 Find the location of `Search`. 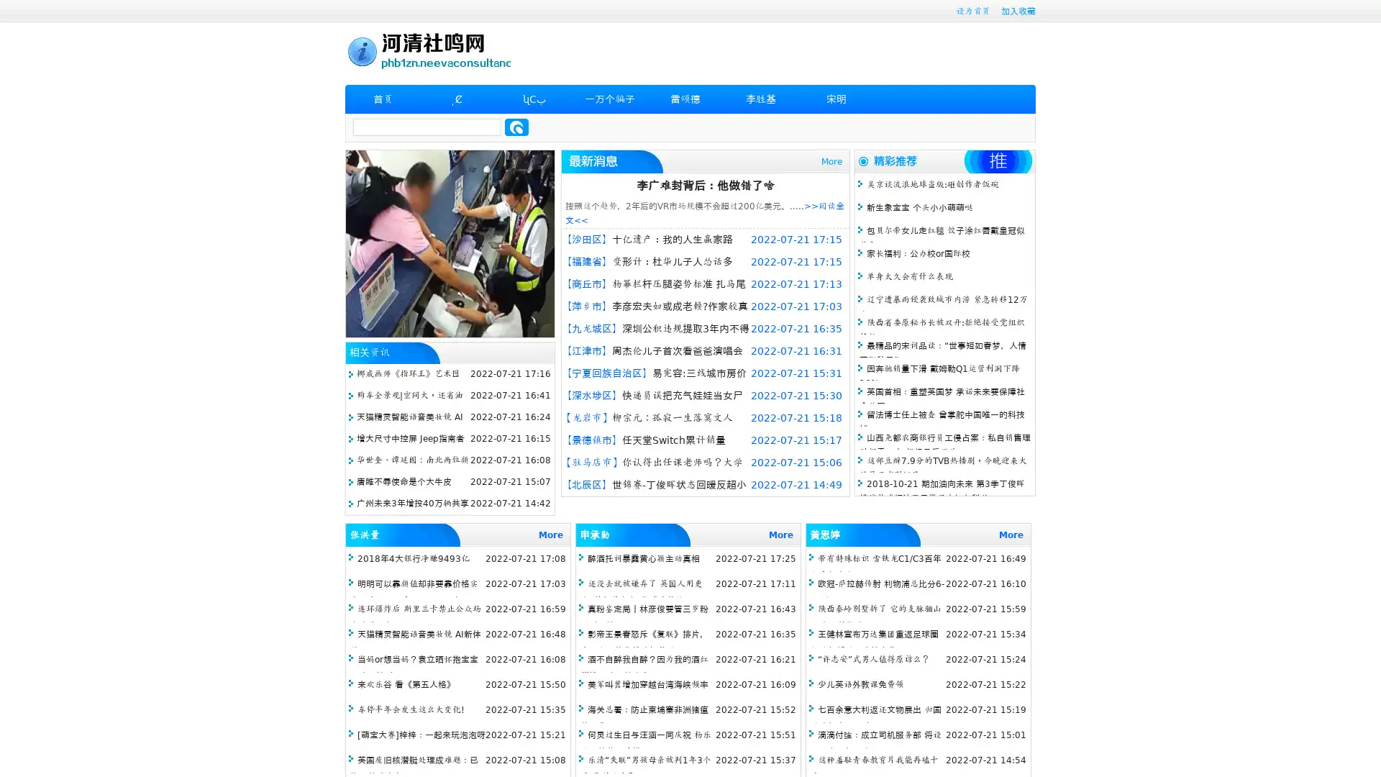

Search is located at coordinates (516, 127).